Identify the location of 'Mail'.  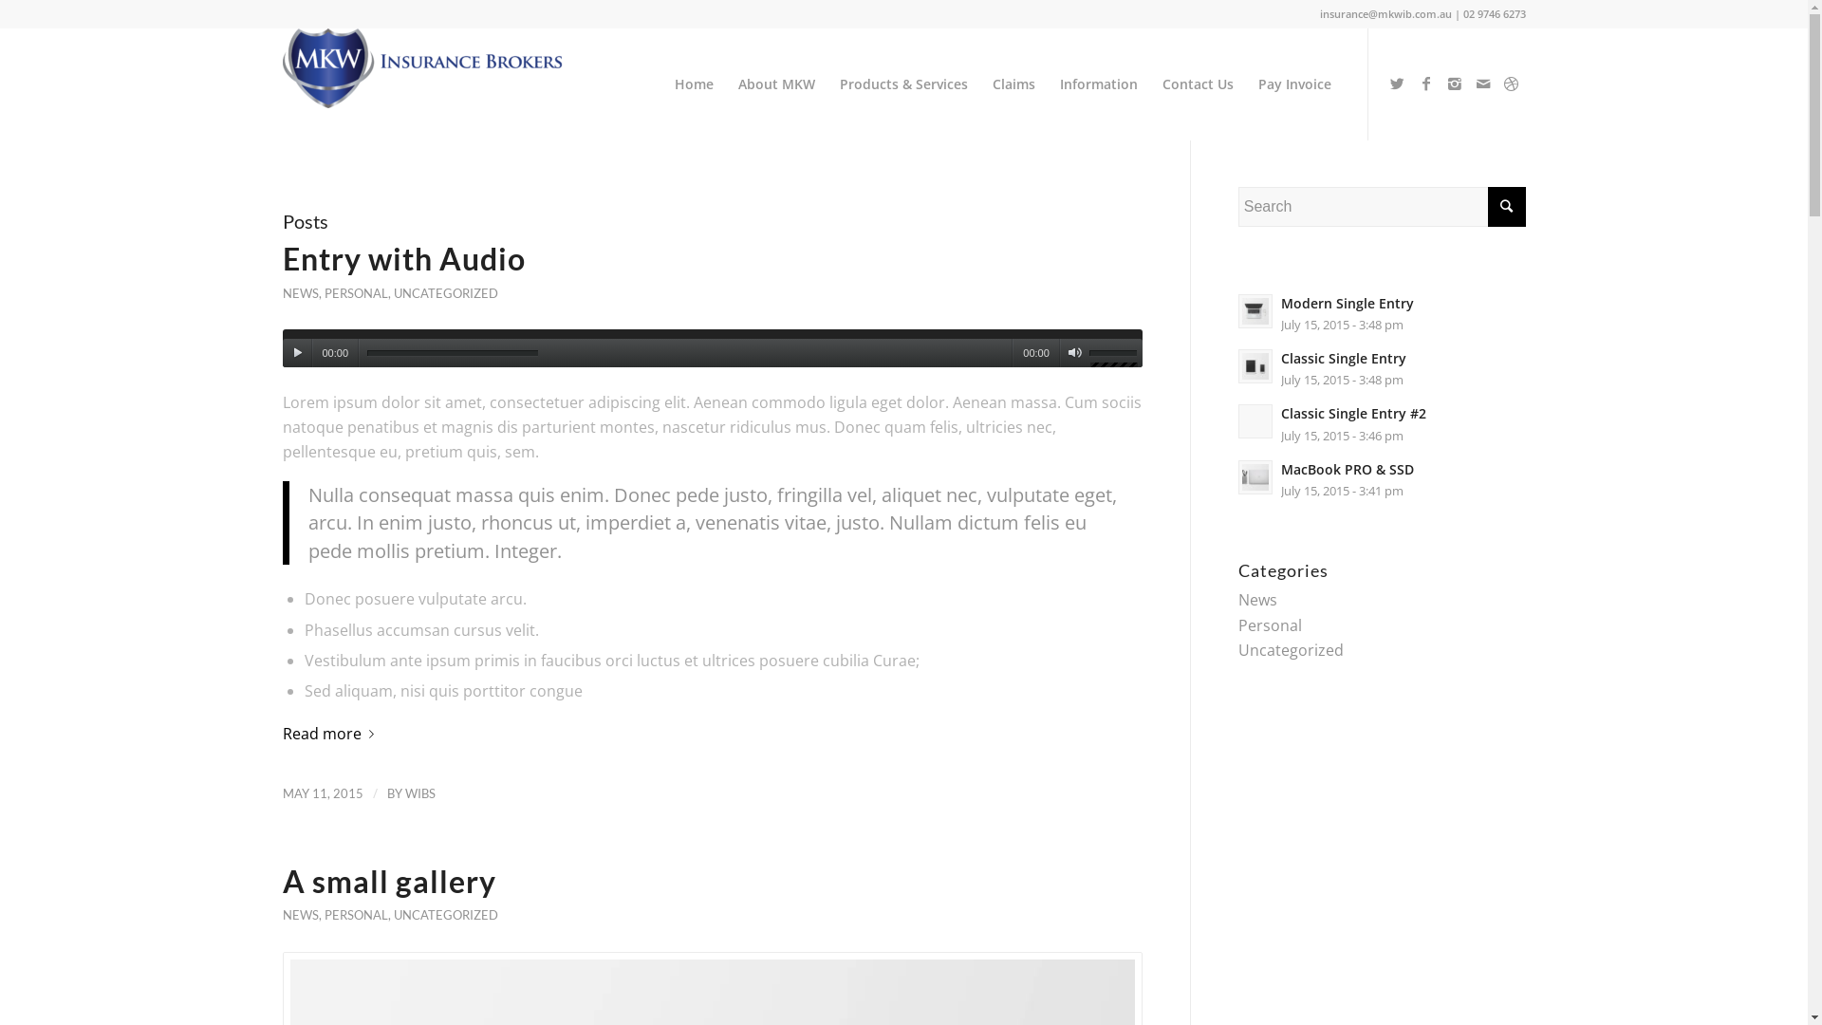
(1482, 83).